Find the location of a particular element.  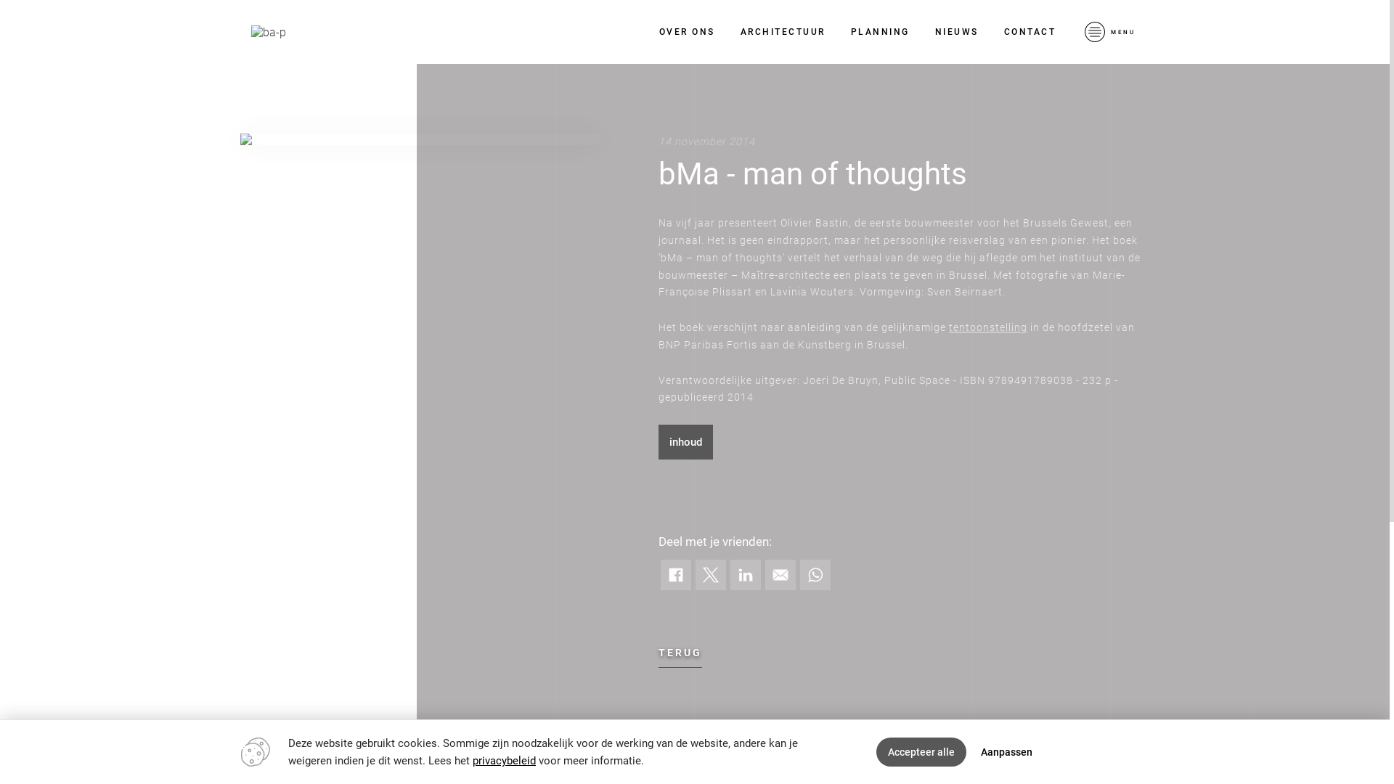

'tentoonstelling' is located at coordinates (987, 327).